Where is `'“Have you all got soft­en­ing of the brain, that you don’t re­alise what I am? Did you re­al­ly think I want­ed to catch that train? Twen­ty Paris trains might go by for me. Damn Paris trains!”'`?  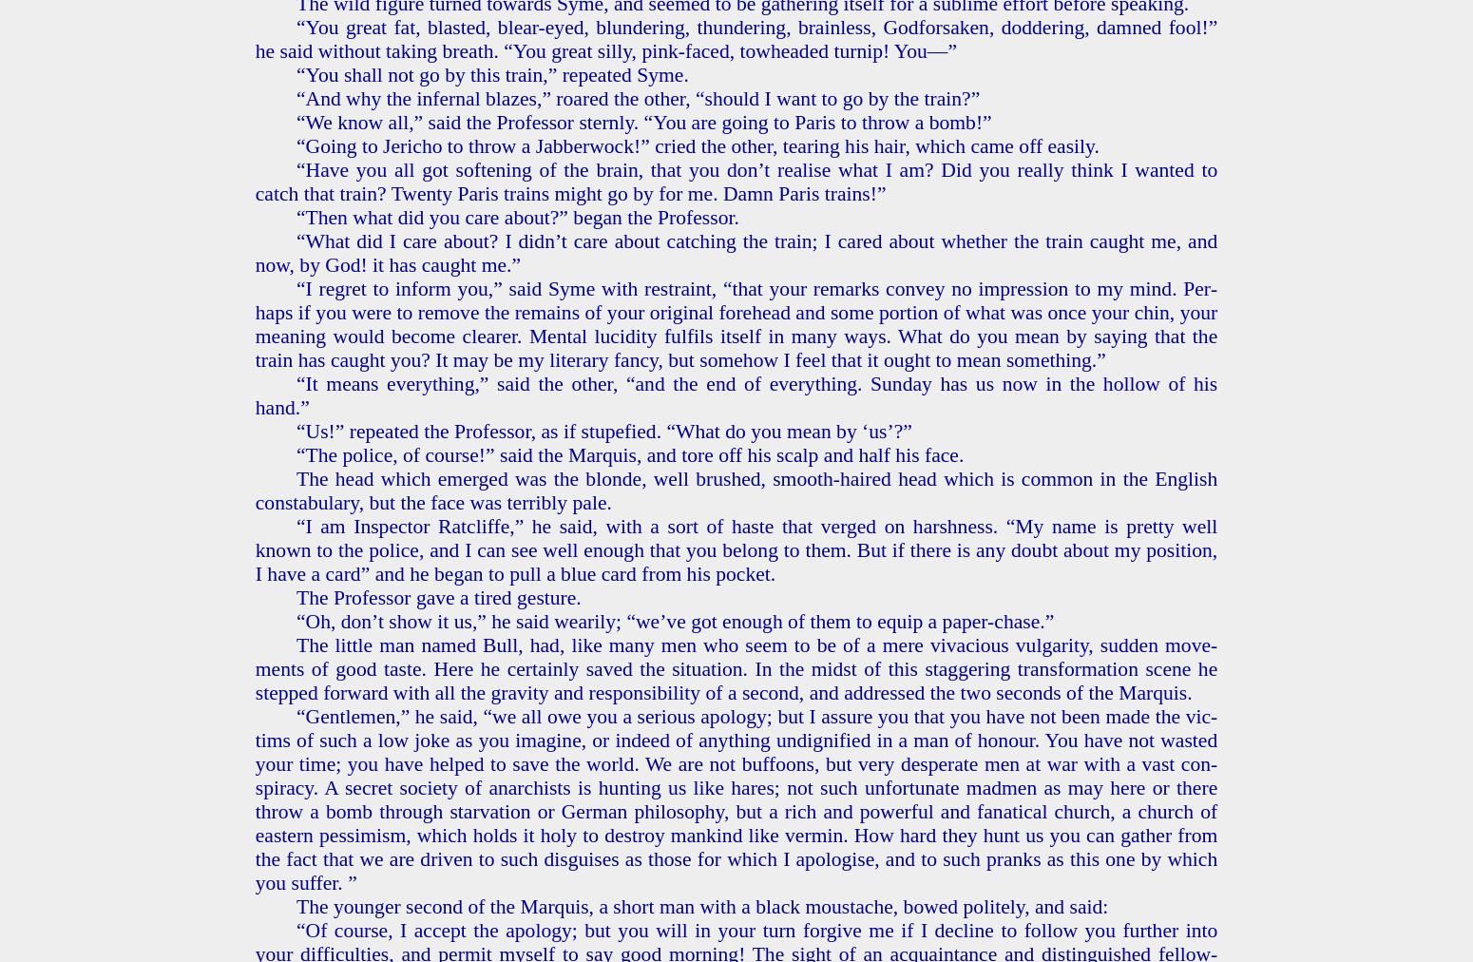 '“Have you all got soft­en­ing of the brain, that you don’t re­alise what I am? Did you re­al­ly think I want­ed to catch that train? Twen­ty Paris trains might go by for me. Damn Paris trains!”' is located at coordinates (254, 181).